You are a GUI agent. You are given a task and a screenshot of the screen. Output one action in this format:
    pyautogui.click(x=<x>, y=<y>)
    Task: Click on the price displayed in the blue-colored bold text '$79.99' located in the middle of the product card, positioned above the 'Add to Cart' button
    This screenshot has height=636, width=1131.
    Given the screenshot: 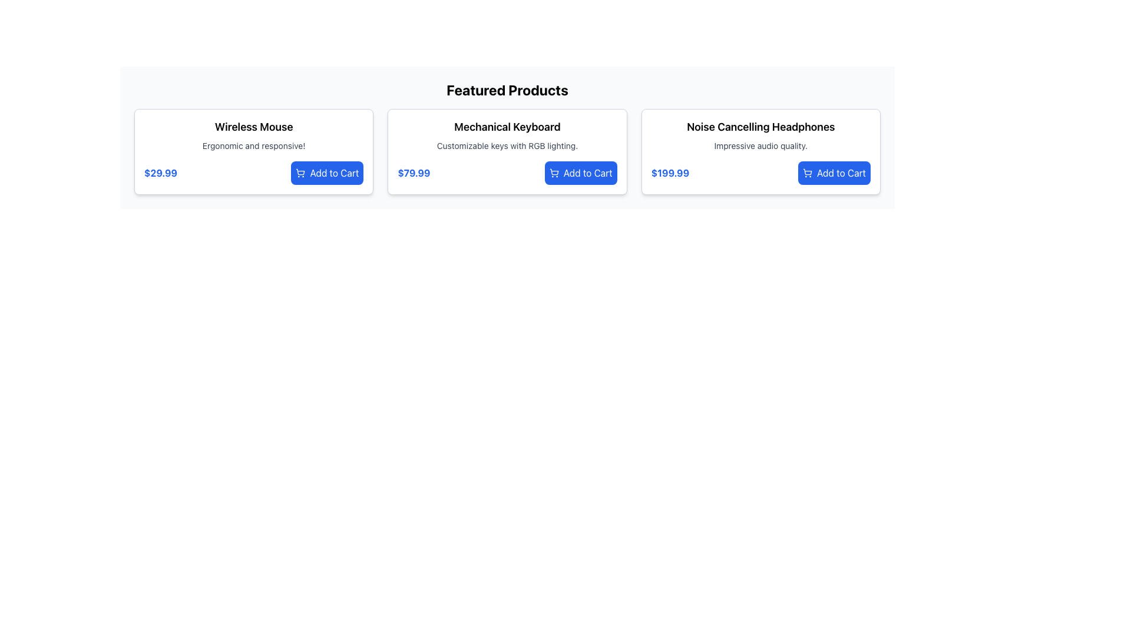 What is the action you would take?
    pyautogui.click(x=414, y=173)
    